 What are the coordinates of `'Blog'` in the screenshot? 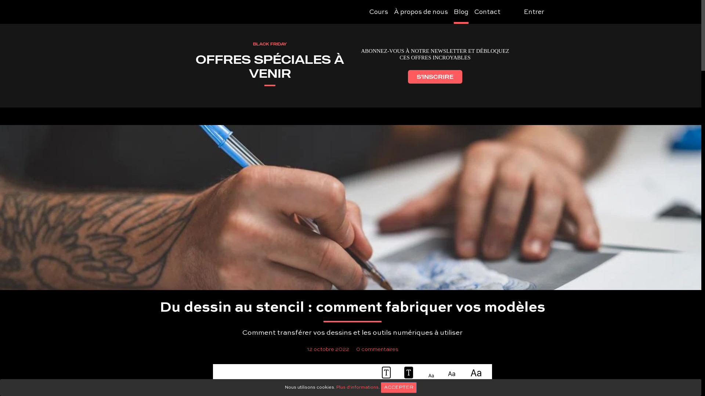 It's located at (461, 13).